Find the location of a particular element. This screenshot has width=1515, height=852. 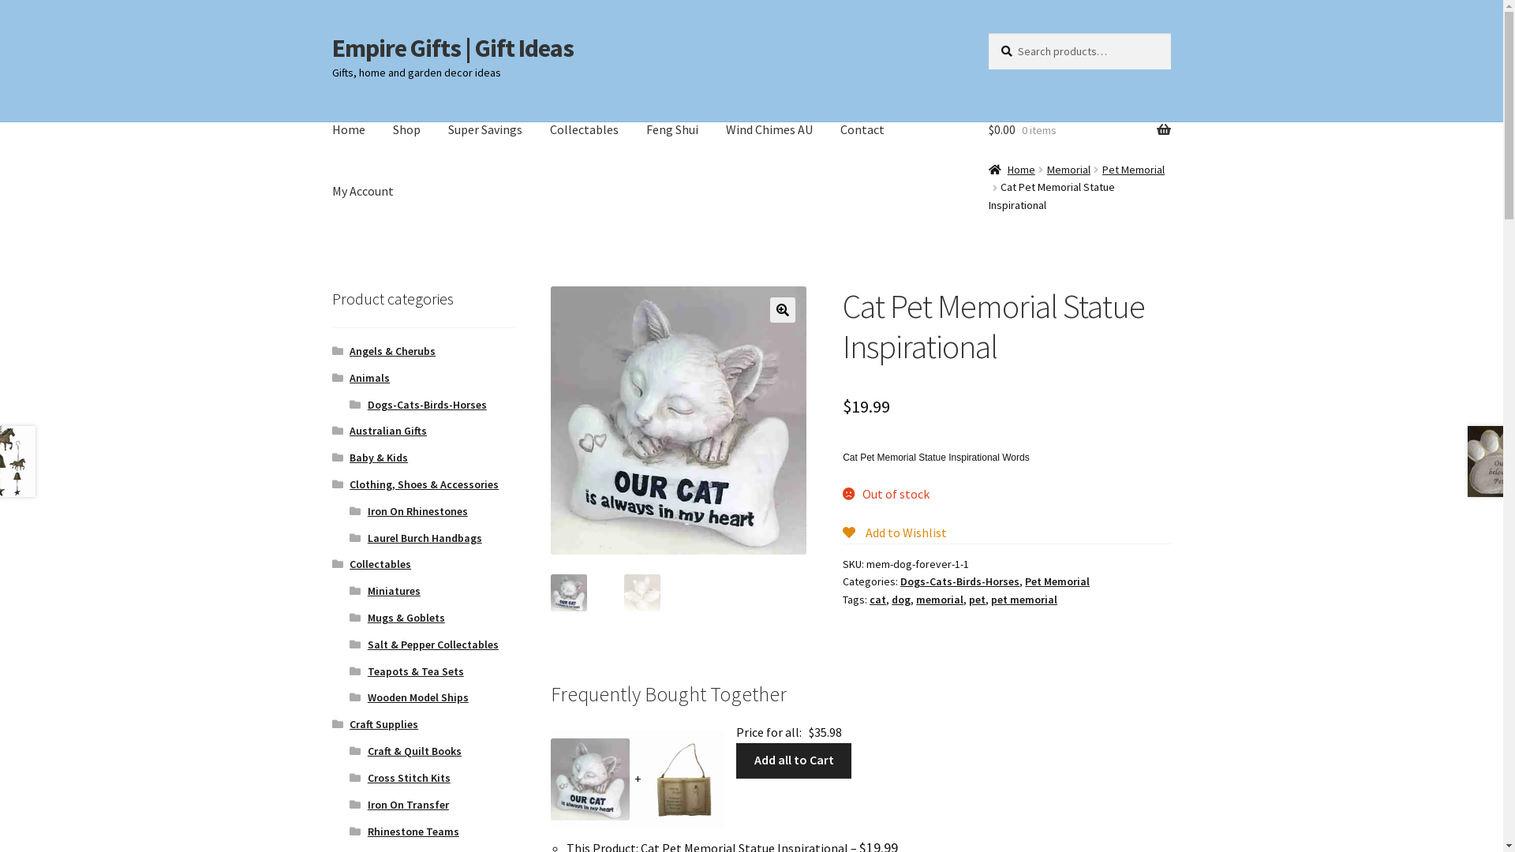

'Add all to Cart' is located at coordinates (794, 760).